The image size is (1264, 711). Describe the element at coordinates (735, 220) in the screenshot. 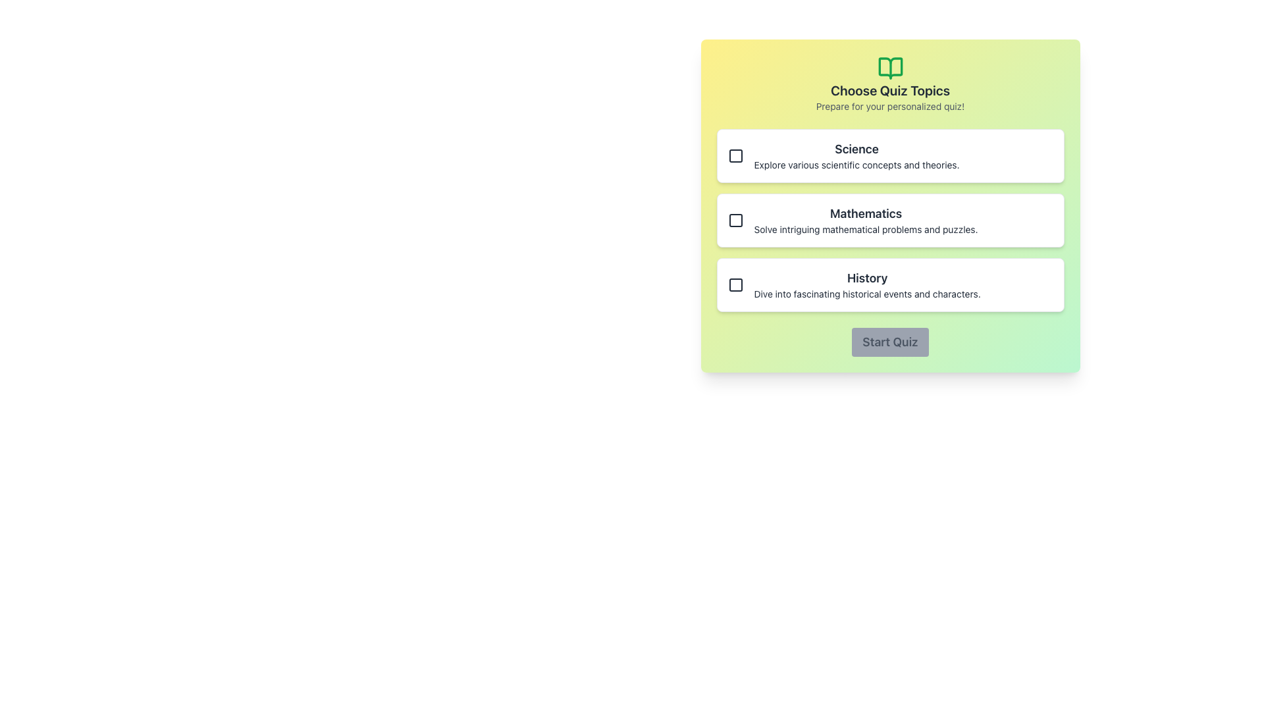

I see `the checkbox located` at that location.